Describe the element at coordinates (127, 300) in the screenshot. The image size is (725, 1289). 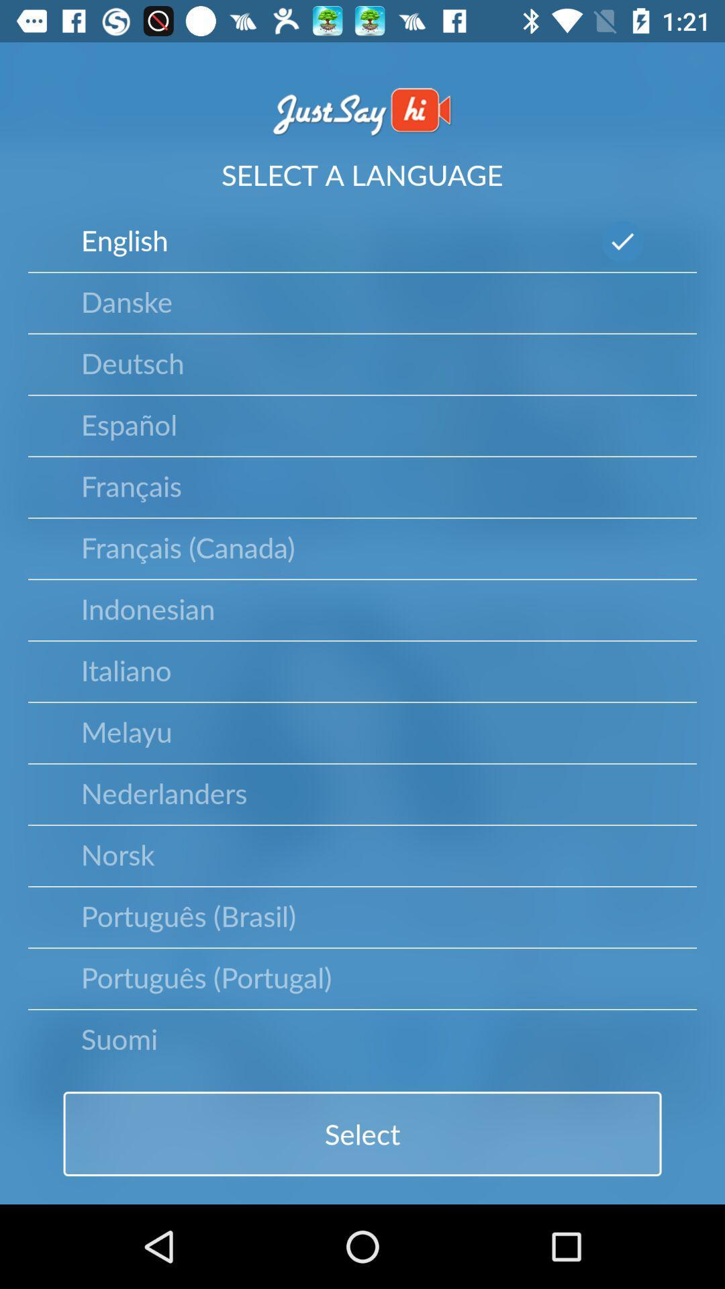
I see `the icon below the english icon` at that location.